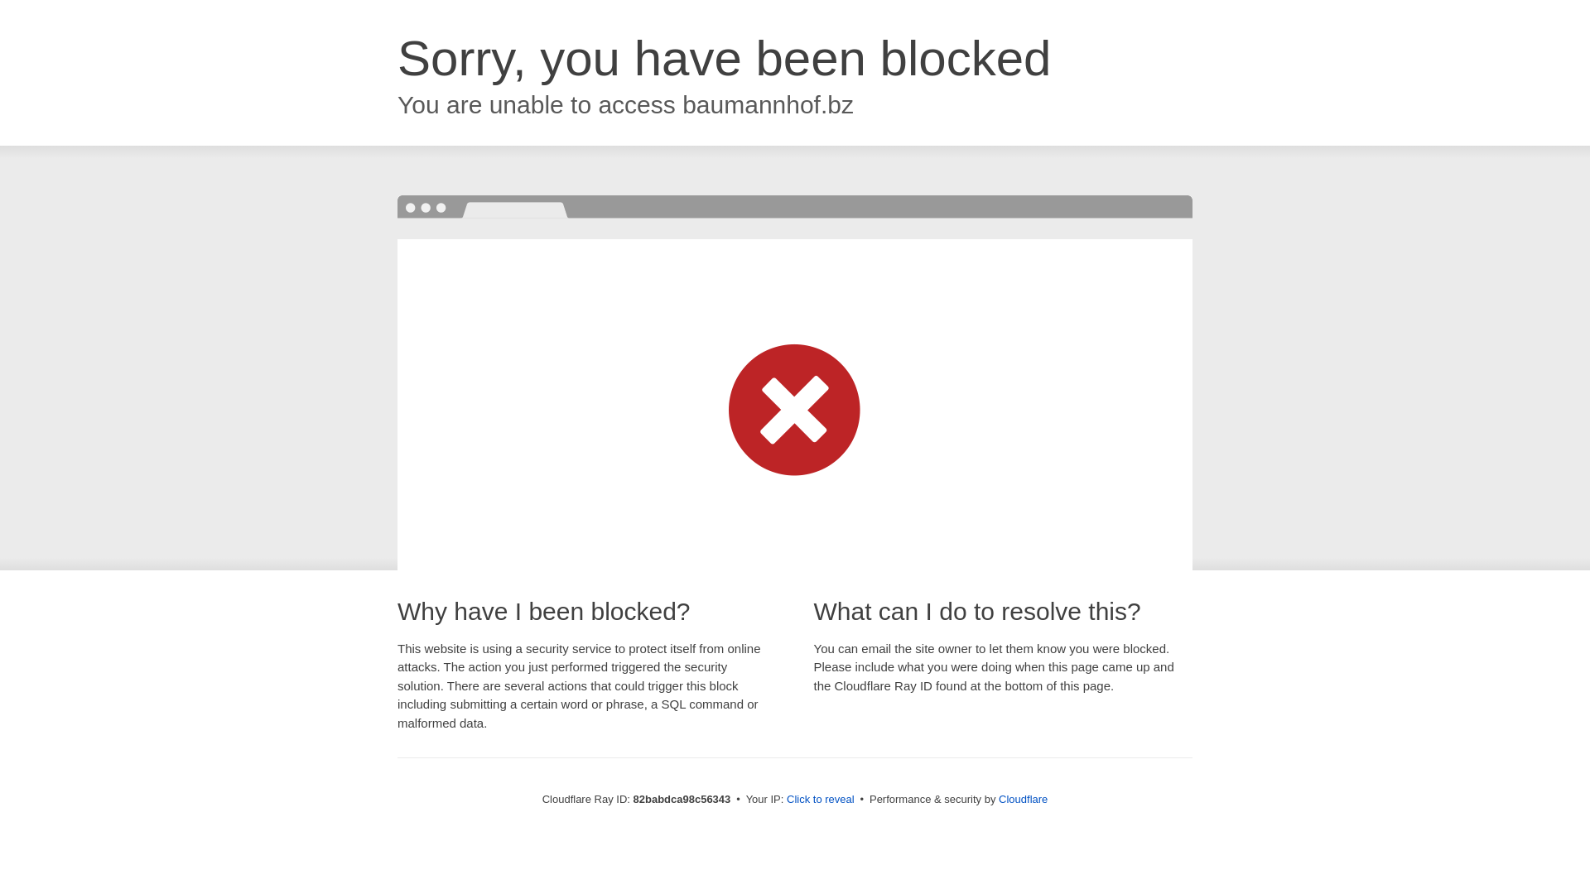 The width and height of the screenshot is (1590, 894). I want to click on 'Click to reveal', so click(820, 798).